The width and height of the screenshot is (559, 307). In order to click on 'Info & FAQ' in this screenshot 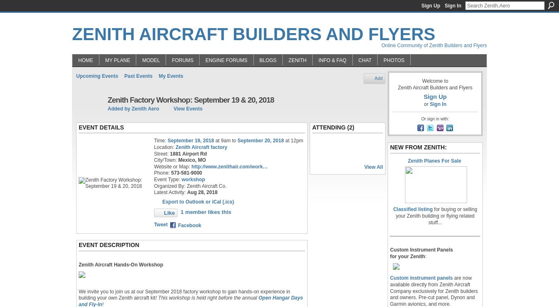, I will do `click(332, 60)`.